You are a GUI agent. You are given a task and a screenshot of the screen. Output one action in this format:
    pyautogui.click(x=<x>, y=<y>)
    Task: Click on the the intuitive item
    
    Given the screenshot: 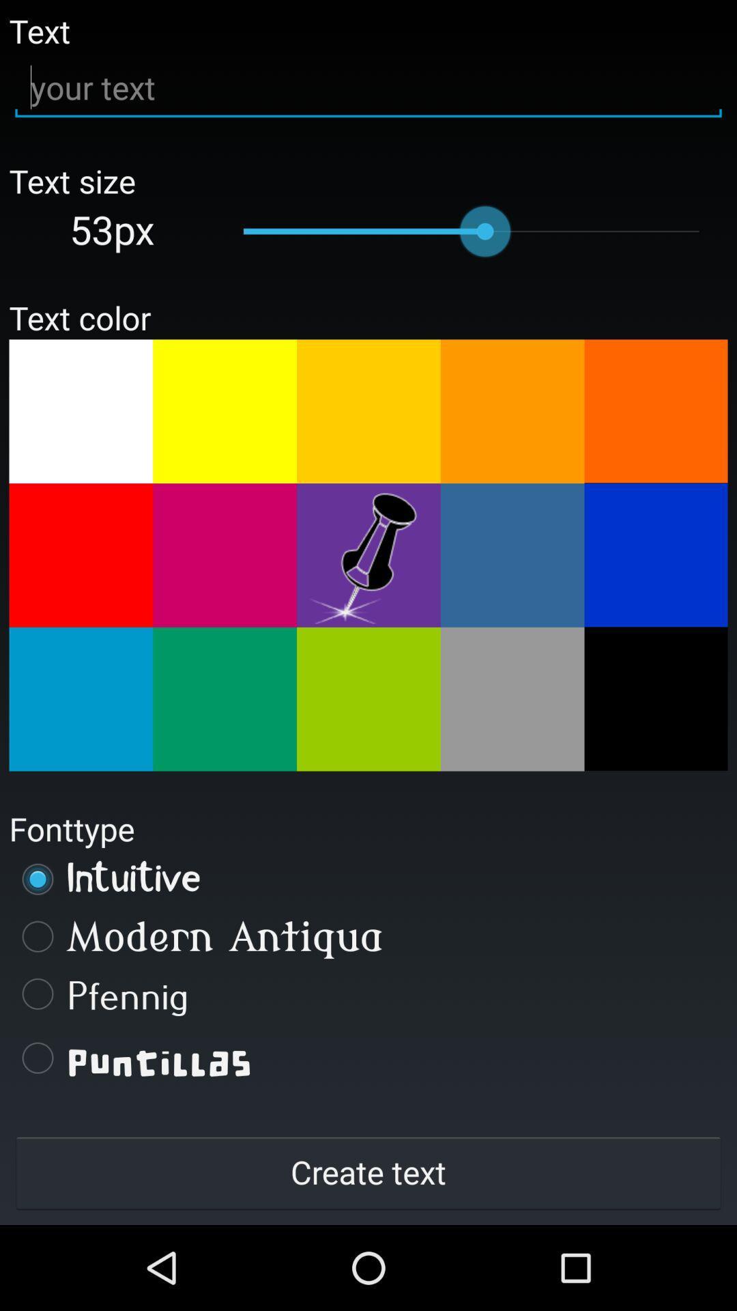 What is the action you would take?
    pyautogui.click(x=369, y=879)
    